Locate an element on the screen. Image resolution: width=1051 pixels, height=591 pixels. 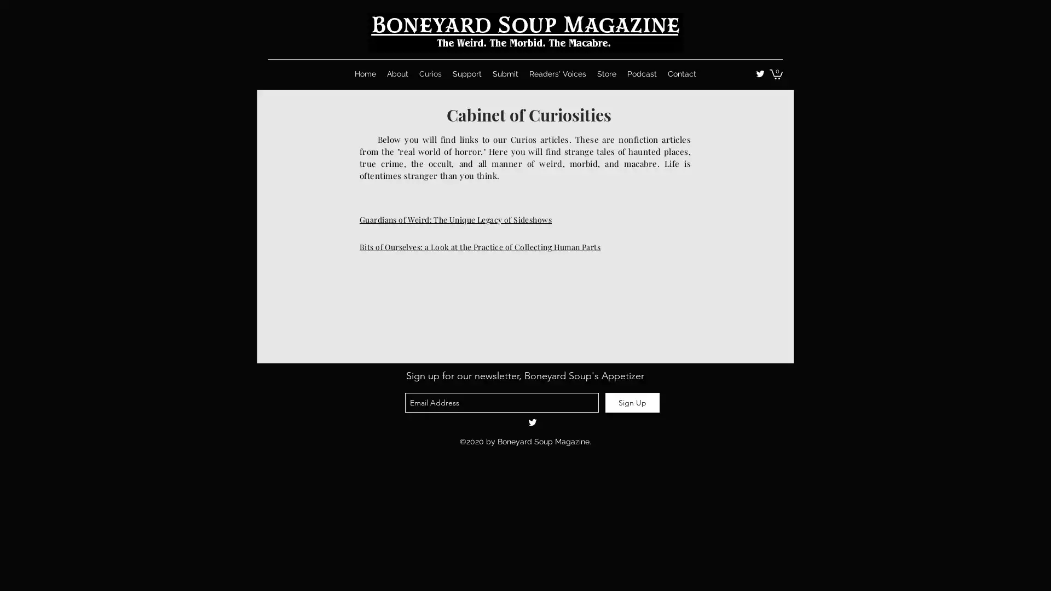
Sign Up is located at coordinates (632, 403).